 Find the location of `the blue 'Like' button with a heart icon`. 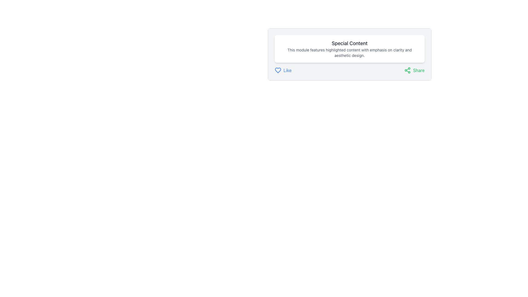

the blue 'Like' button with a heart icon is located at coordinates (283, 70).